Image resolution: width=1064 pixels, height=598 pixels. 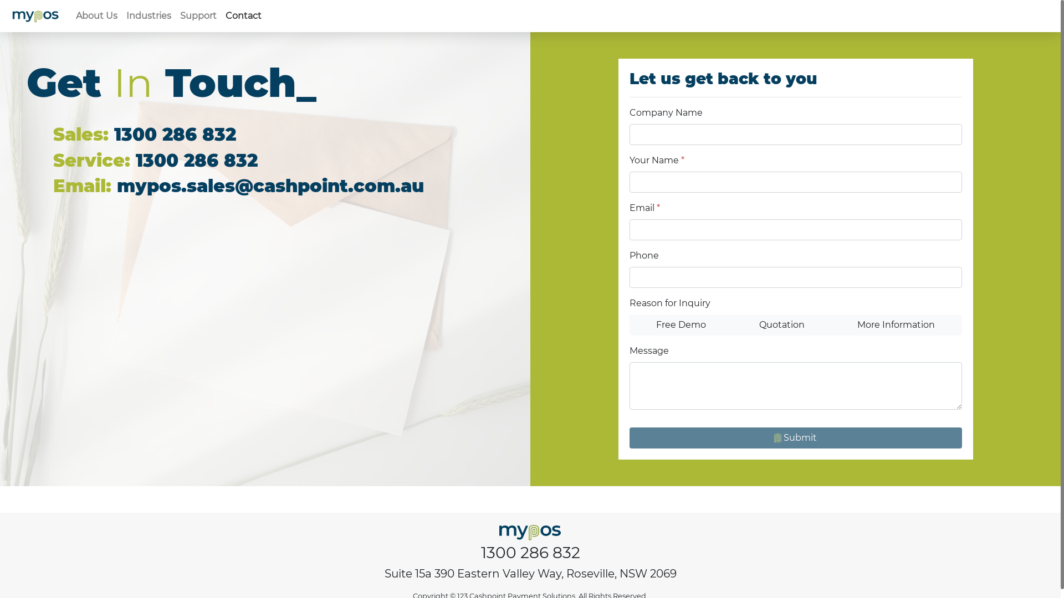 I want to click on 'Contact', so click(x=243, y=16).